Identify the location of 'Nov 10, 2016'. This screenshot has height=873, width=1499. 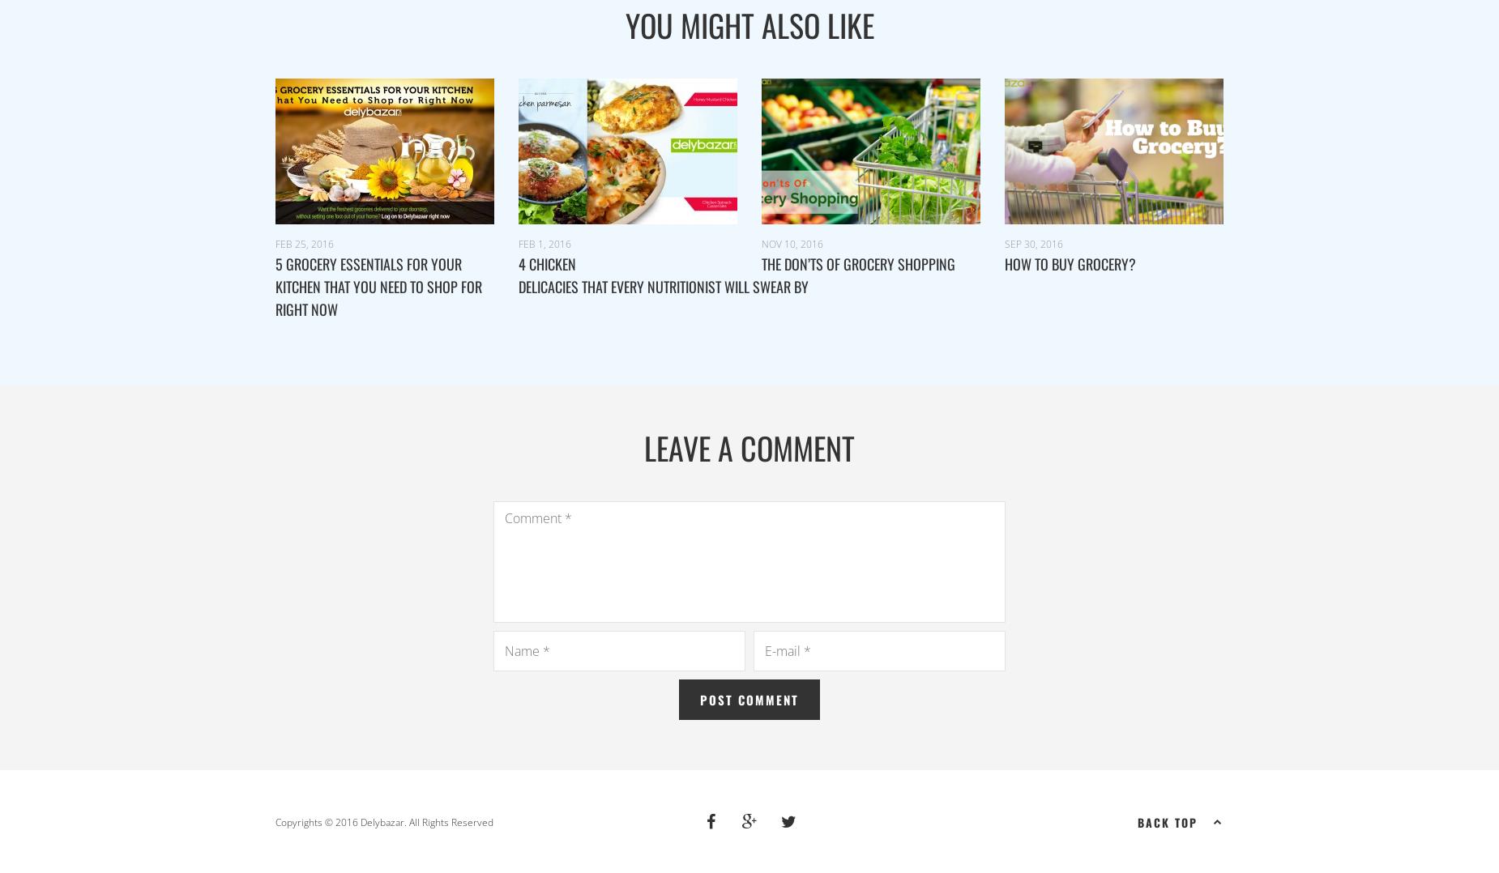
(791, 243).